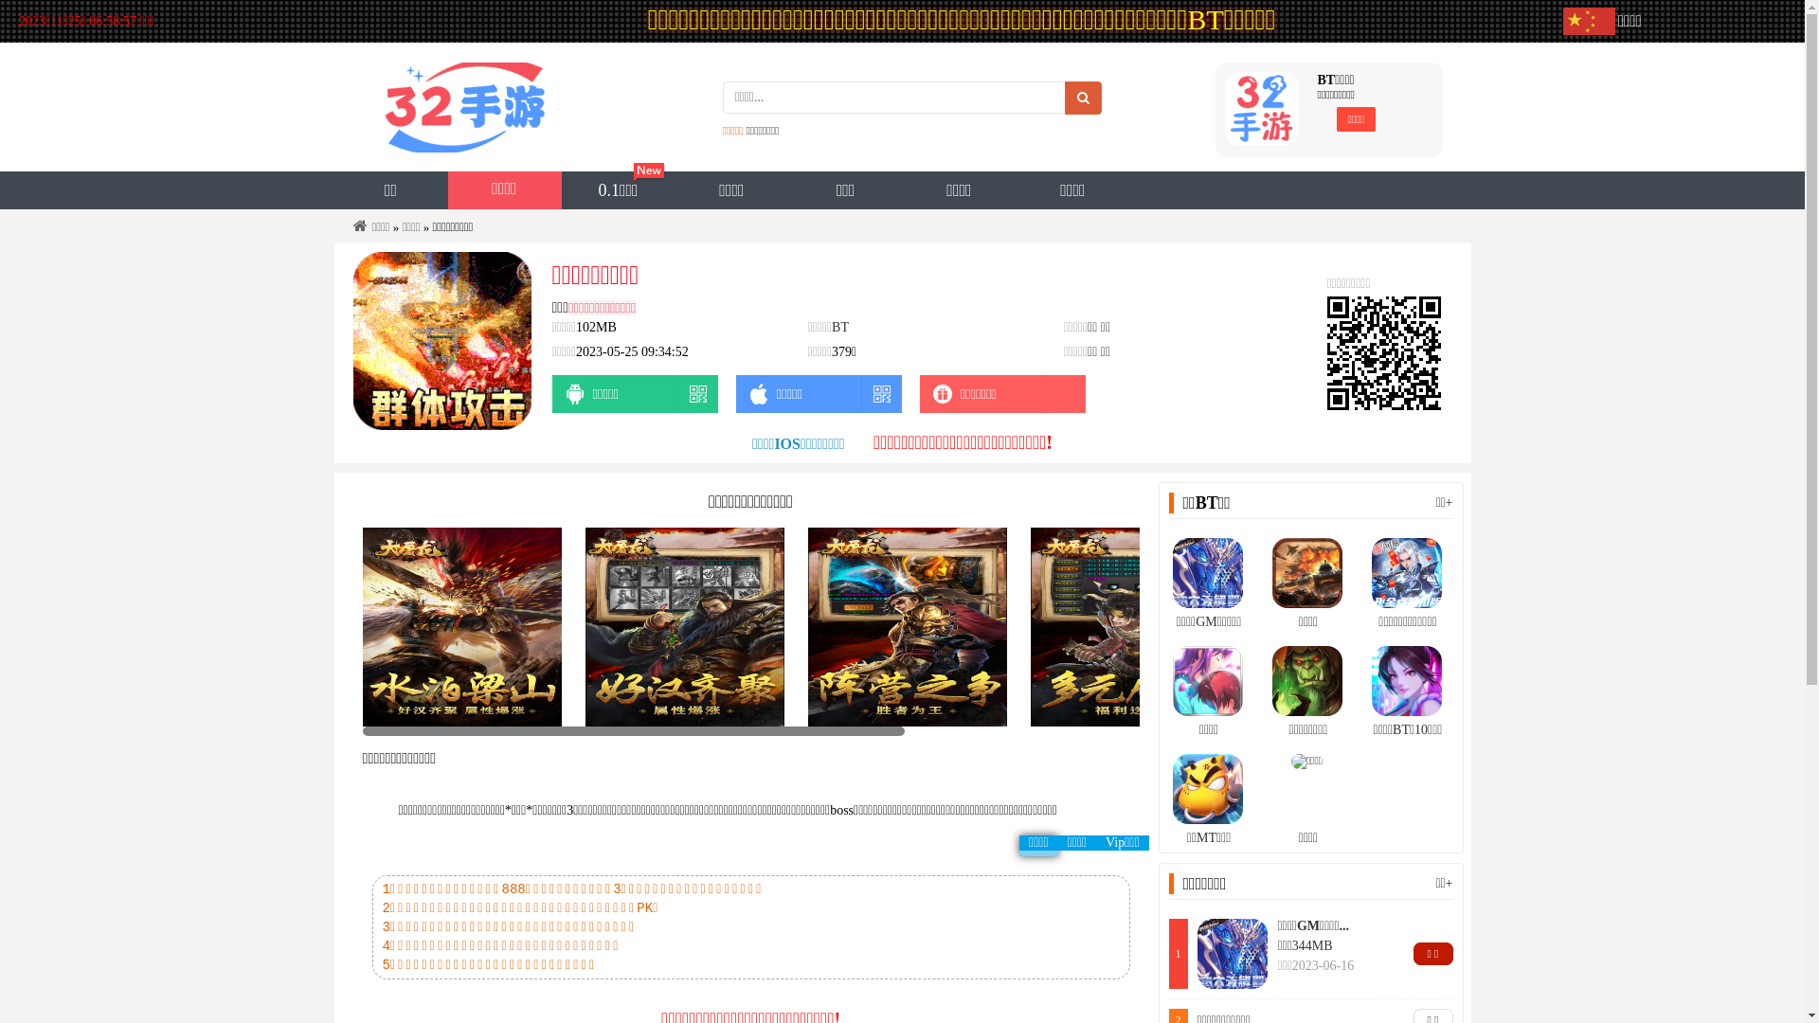 The width and height of the screenshot is (1819, 1023). What do you see at coordinates (839, 326) in the screenshot?
I see `'BT'` at bounding box center [839, 326].